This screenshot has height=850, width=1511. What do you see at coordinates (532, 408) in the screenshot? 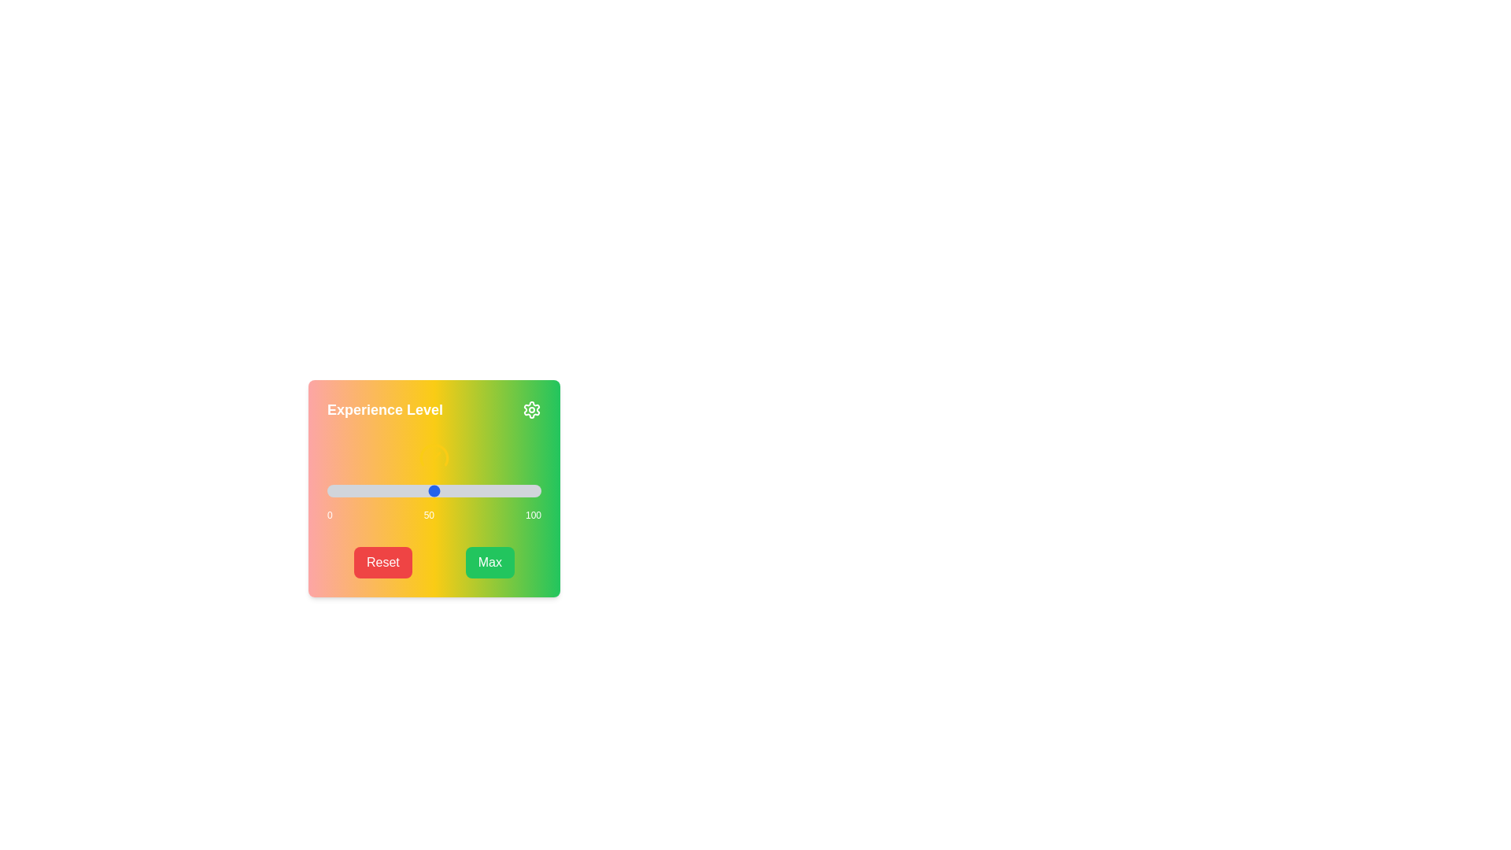
I see `the 'Settings' icon to open additional options` at bounding box center [532, 408].